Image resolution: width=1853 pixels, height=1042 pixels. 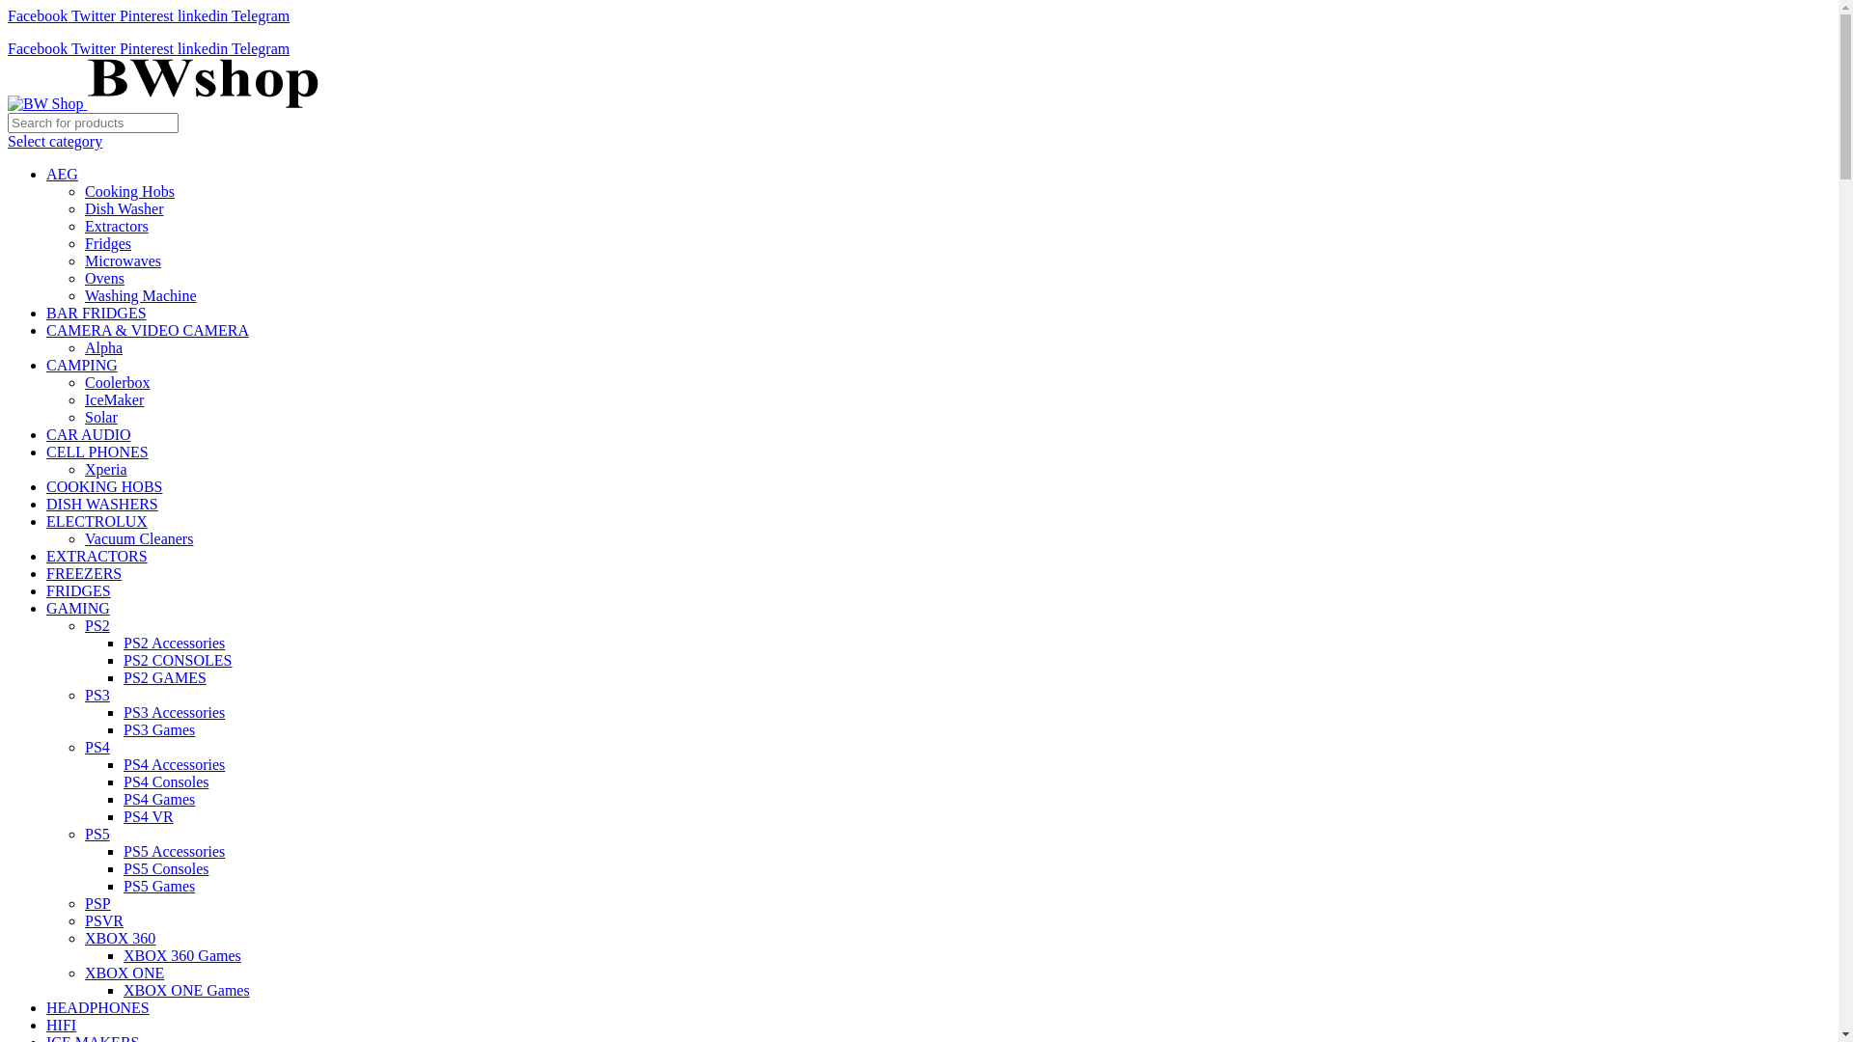 What do you see at coordinates (103, 278) in the screenshot?
I see `'Ovens'` at bounding box center [103, 278].